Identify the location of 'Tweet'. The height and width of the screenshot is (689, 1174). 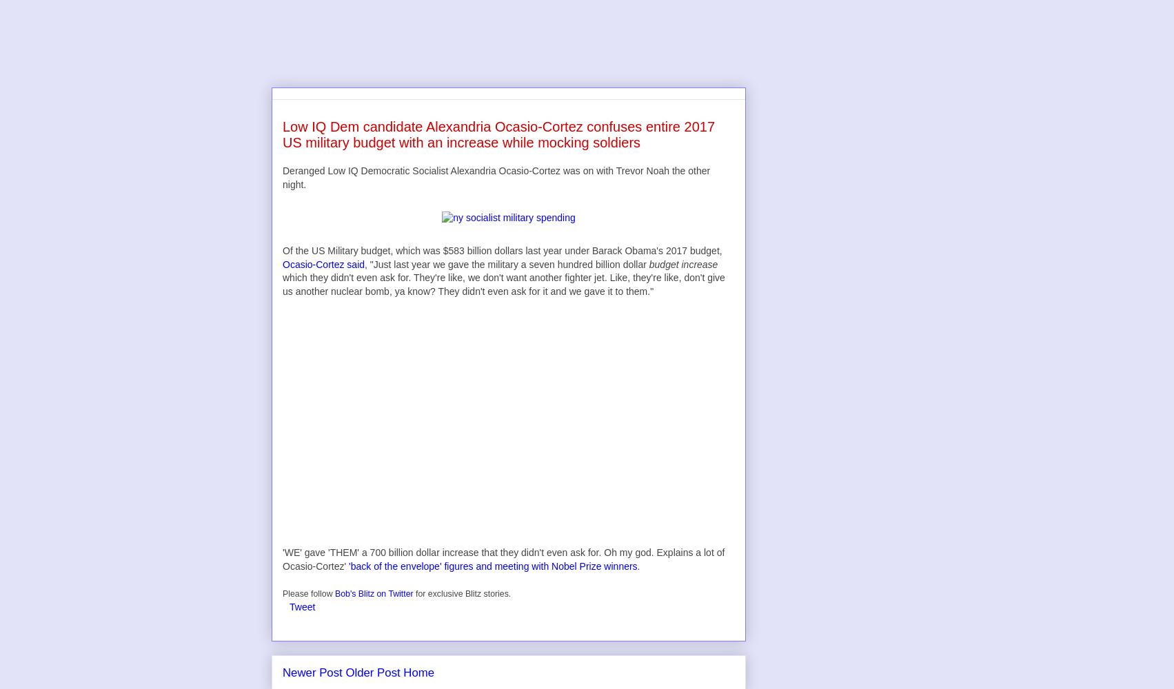
(302, 606).